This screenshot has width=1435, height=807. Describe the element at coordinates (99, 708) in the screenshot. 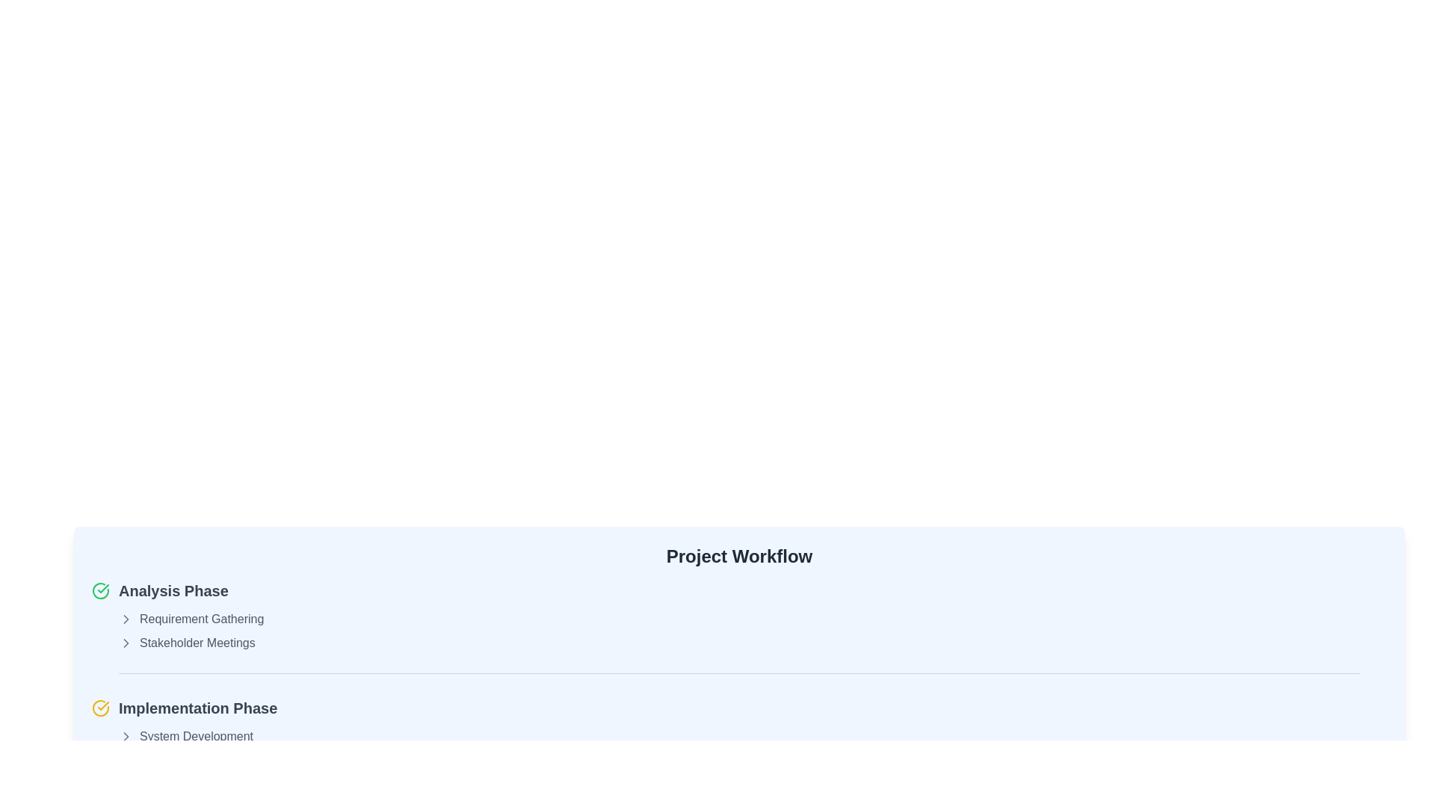

I see `the circular yellow checkmark icon located` at that location.